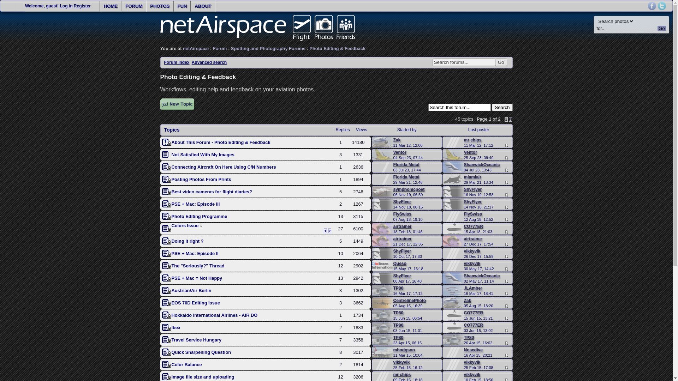 The image size is (678, 381). What do you see at coordinates (171, 352) in the screenshot?
I see `'Quick Sharpening Question'` at bounding box center [171, 352].